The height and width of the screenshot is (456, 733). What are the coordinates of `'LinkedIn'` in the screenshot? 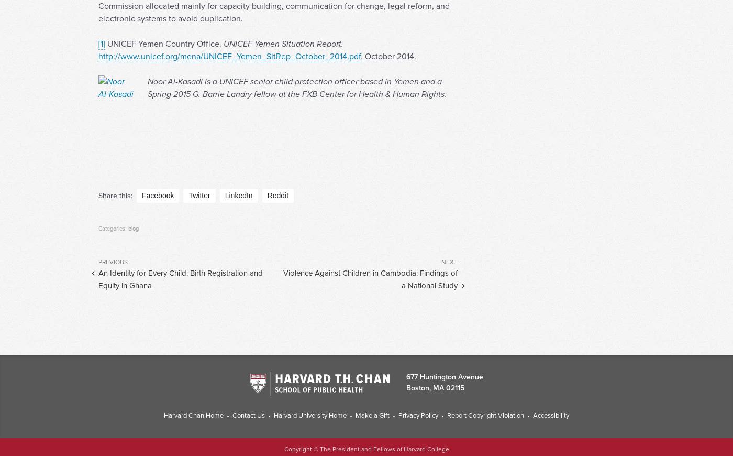 It's located at (238, 215).